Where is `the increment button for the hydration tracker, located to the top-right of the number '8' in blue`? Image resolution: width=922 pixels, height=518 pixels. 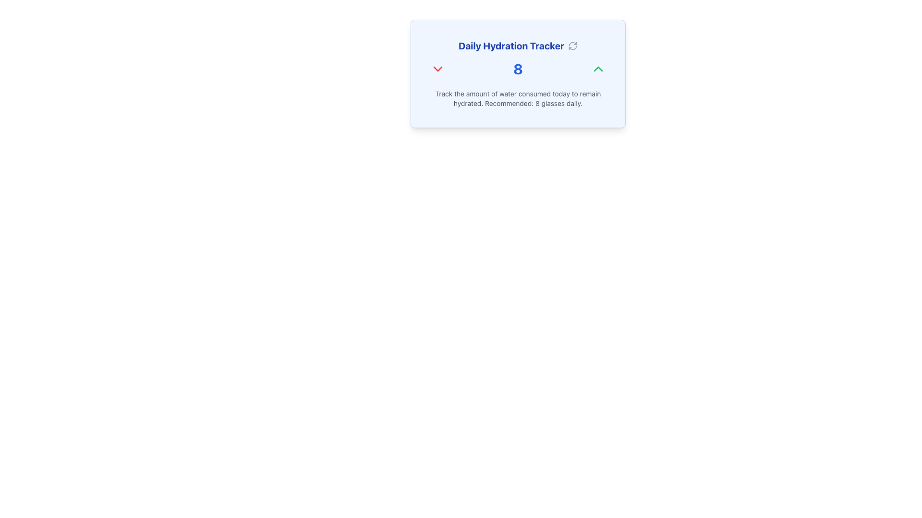
the increment button for the hydration tracker, located to the top-right of the number '8' in blue is located at coordinates (598, 68).